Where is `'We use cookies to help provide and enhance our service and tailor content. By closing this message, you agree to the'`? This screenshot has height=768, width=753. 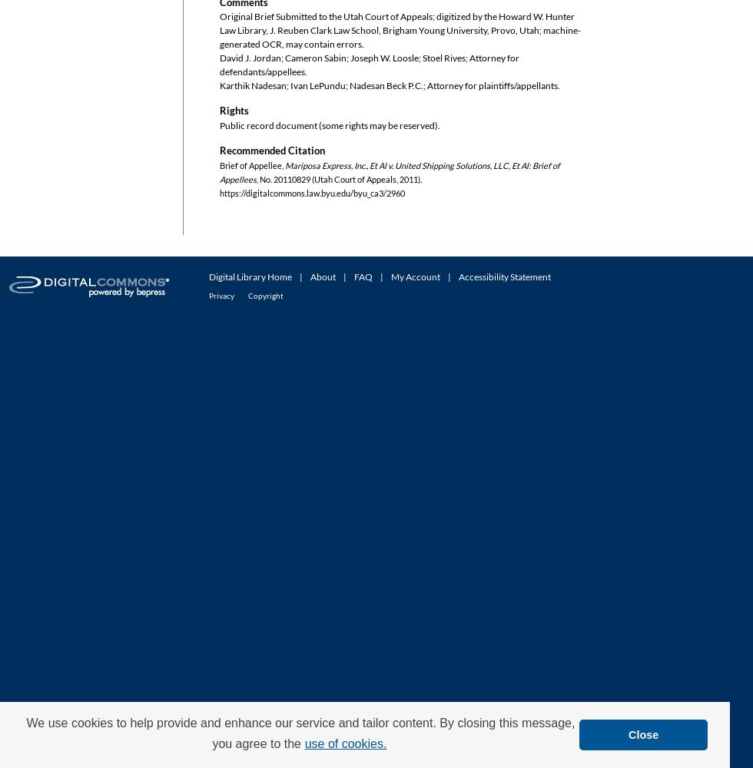 'We use cookies to help provide and enhance our service and tailor content. By closing this message, you agree to the' is located at coordinates (300, 732).